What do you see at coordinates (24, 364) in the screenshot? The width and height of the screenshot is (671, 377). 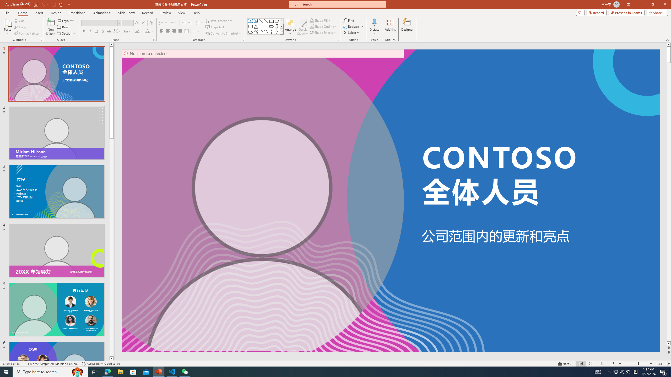 I see `'Spell Check '` at bounding box center [24, 364].